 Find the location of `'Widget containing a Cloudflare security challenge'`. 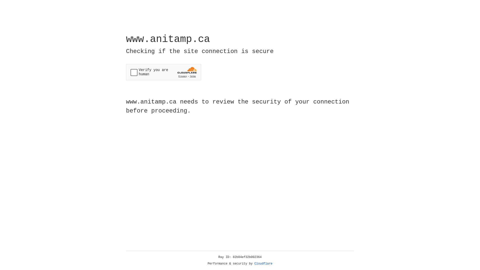

'Widget containing a Cloudflare security challenge' is located at coordinates (163, 72).